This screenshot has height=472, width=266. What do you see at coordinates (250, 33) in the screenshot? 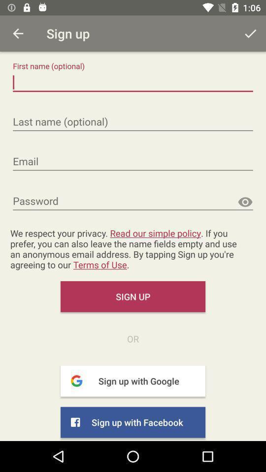
I see `the tick mark which is on the top right corner` at bounding box center [250, 33].